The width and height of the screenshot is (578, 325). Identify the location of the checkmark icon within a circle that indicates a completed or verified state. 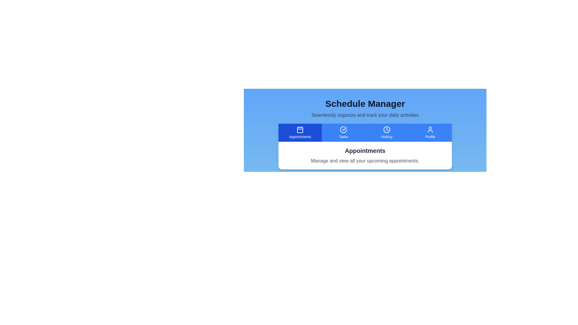
(344, 128).